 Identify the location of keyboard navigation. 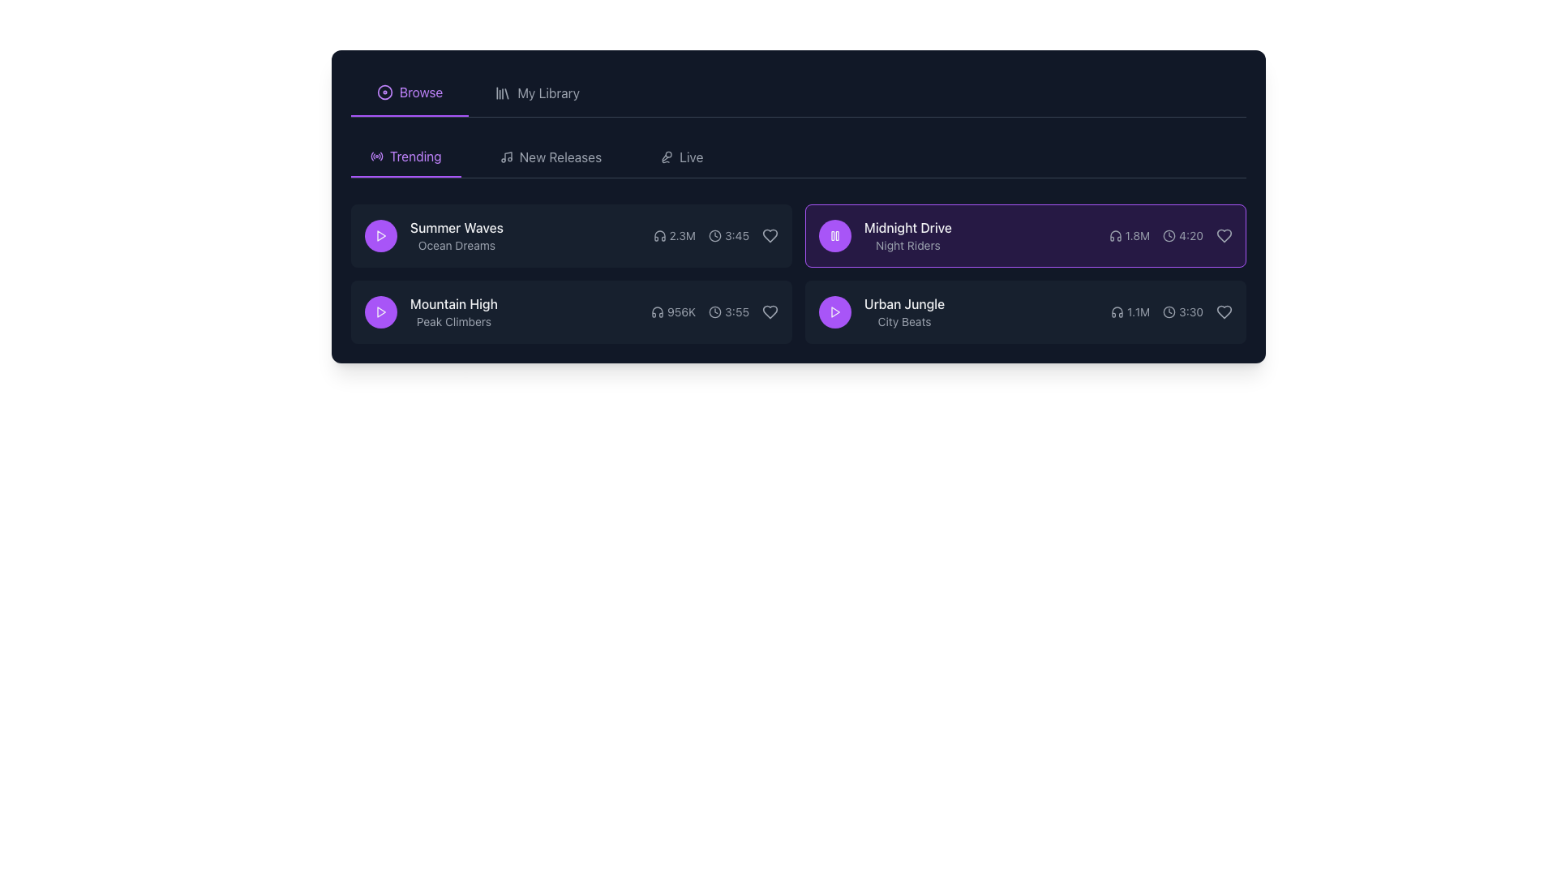
(380, 312).